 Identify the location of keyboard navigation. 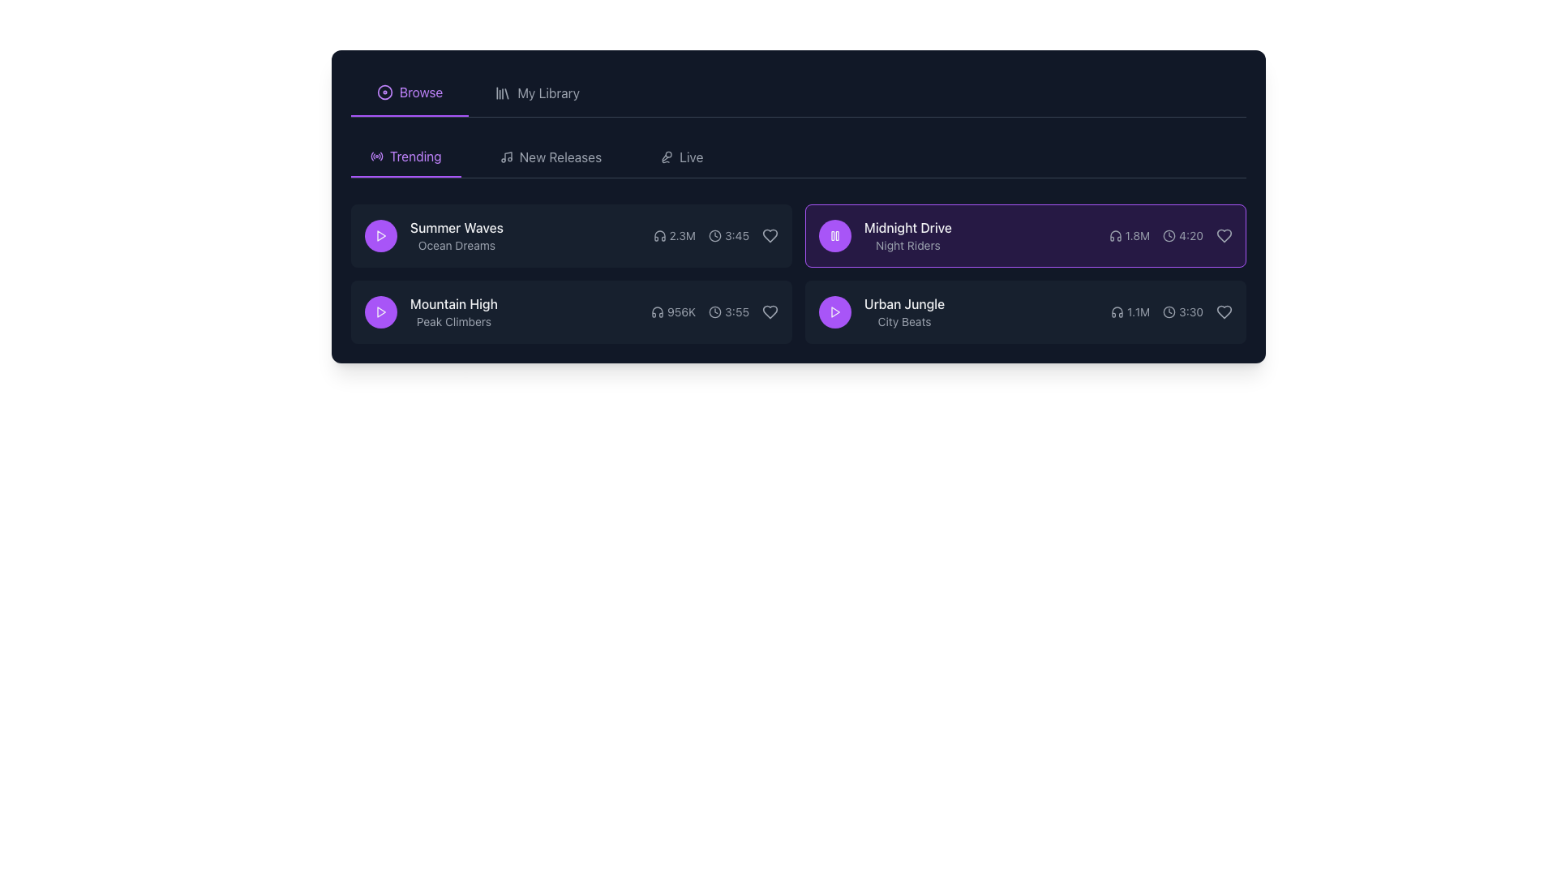
(380, 312).